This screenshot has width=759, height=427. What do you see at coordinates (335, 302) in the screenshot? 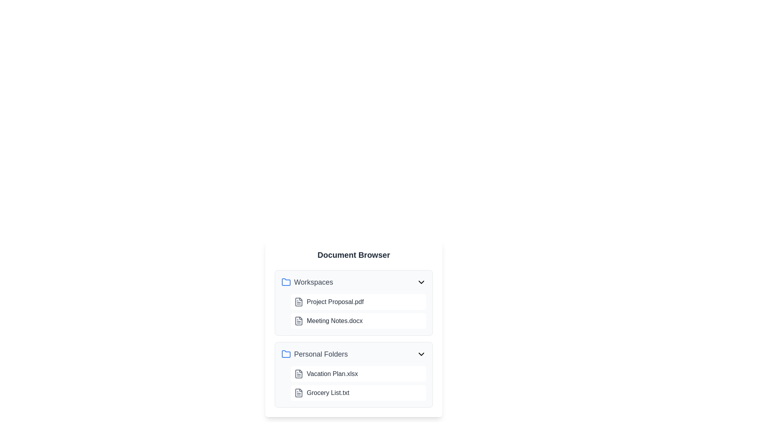
I see `the text label displaying 'Project Proposal.pdf'` at bounding box center [335, 302].